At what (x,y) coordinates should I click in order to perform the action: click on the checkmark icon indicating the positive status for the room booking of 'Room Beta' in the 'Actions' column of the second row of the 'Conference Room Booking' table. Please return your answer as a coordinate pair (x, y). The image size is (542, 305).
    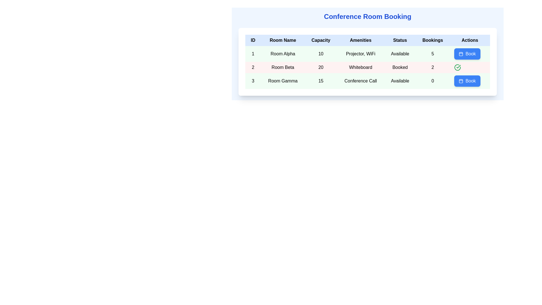
    Looking at the image, I should click on (458, 67).